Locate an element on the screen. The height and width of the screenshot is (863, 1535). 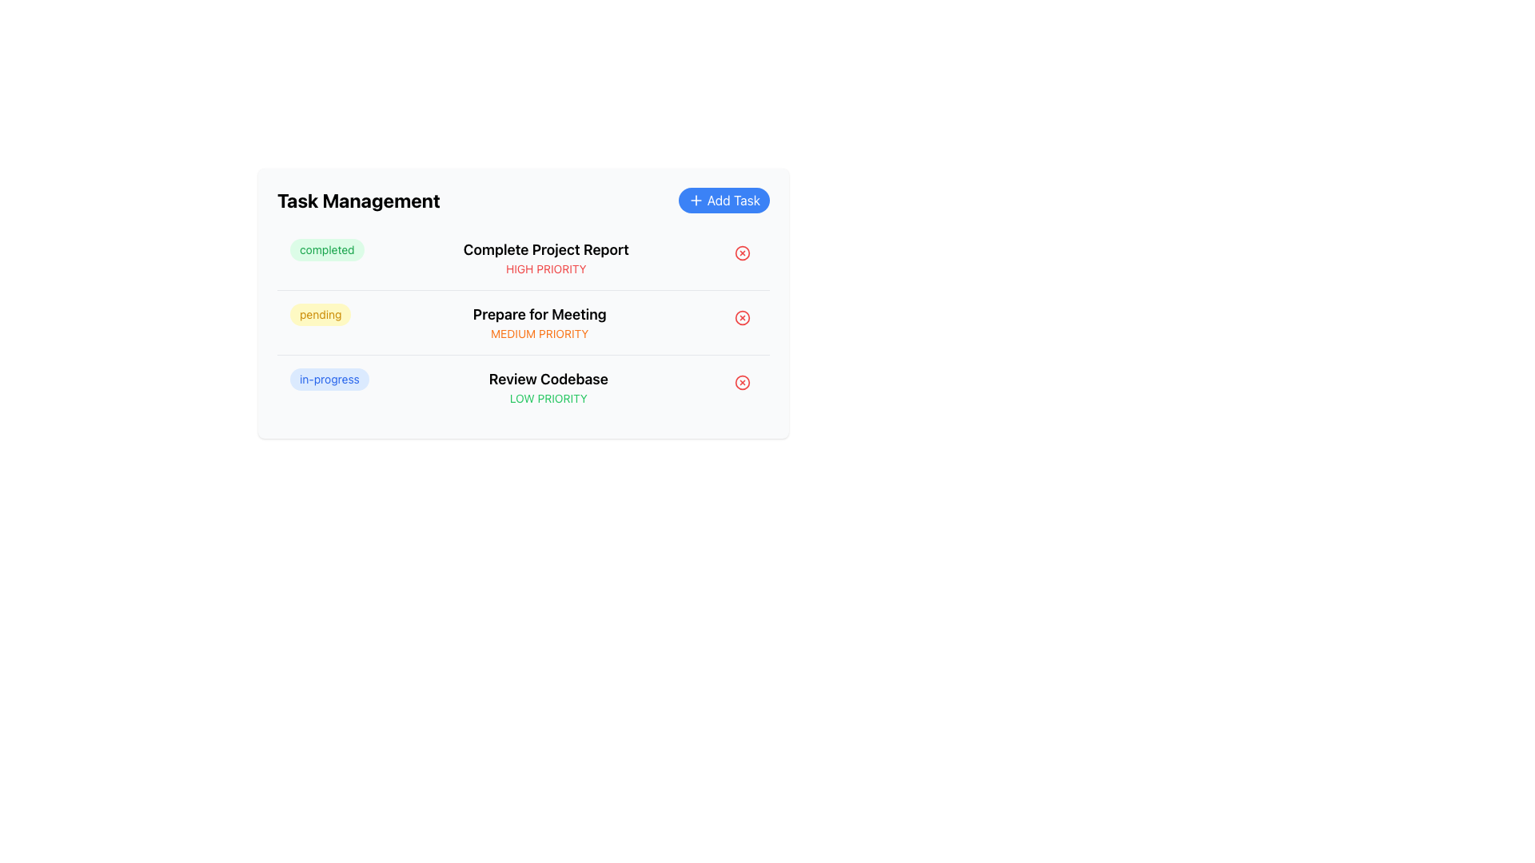
task title 'Complete Project Report' and its priority status 'HIGH PRIORITY' from the Text Display Component located in the second row of the task list module within the 'completed' category is located at coordinates (546, 257).